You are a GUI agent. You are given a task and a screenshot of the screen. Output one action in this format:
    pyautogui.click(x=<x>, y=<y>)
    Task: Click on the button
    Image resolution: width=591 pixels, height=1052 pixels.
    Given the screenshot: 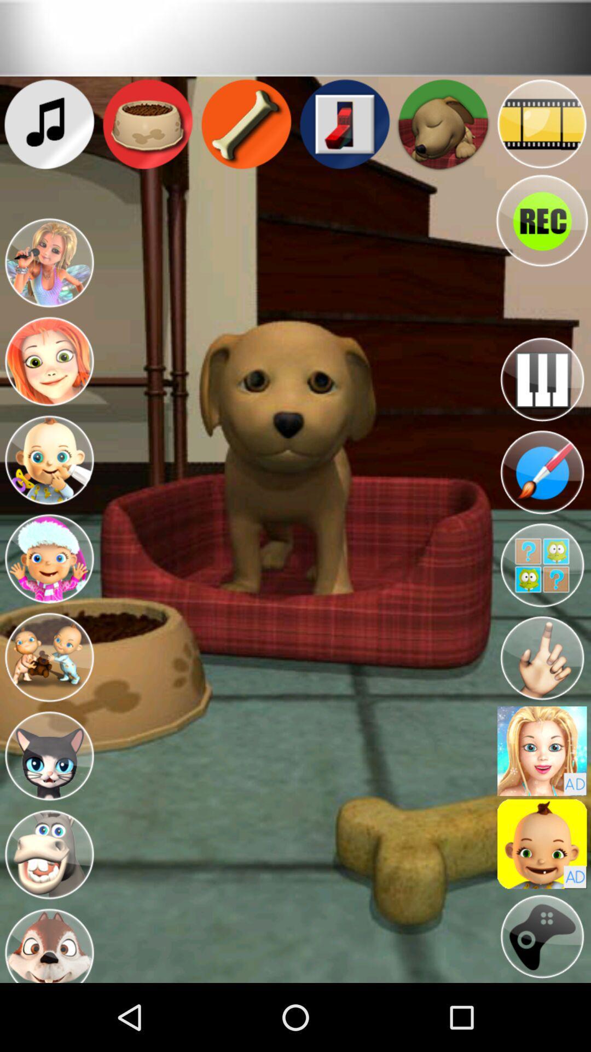 What is the action you would take?
    pyautogui.click(x=542, y=936)
    